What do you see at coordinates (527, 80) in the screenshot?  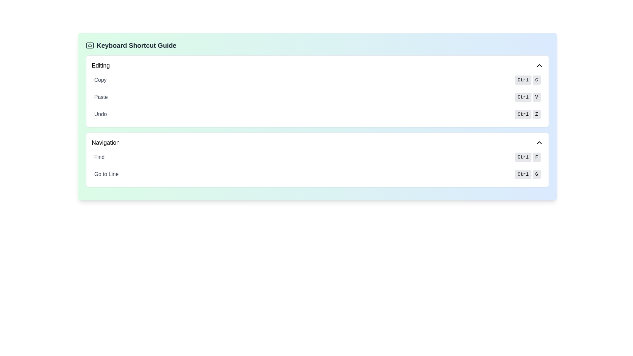 I see `the keyboard shortcut element labeled 'Ctrl' and 'C' with a light gray background, located in the 'Copy' section at the top of the 'Editing' area in the 'Keyboard Shortcut Guide'` at bounding box center [527, 80].